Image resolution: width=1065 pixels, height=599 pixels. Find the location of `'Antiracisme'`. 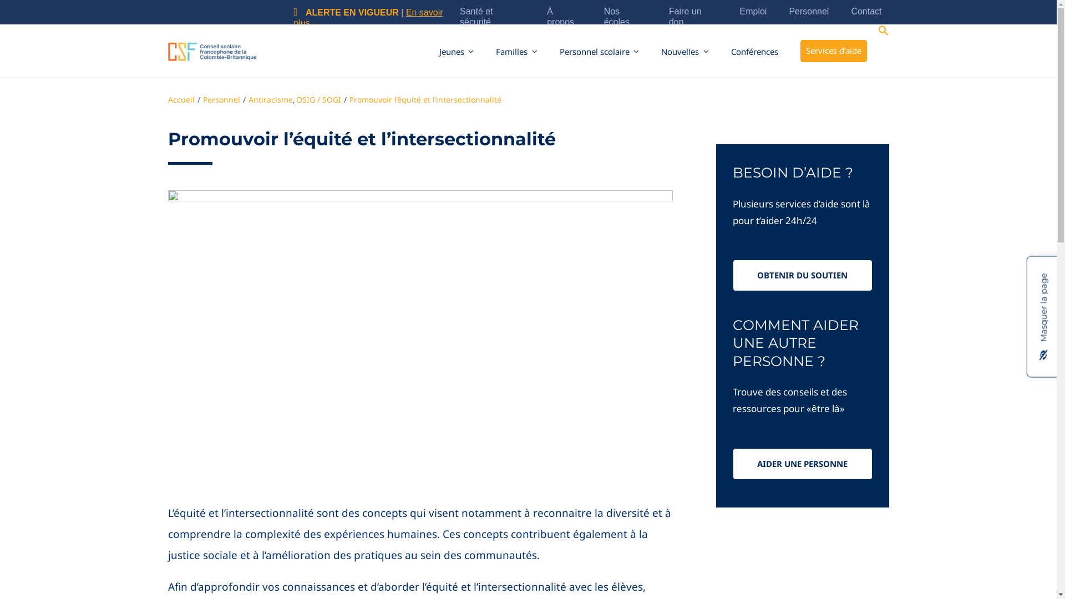

'Antiracisme' is located at coordinates (271, 99).